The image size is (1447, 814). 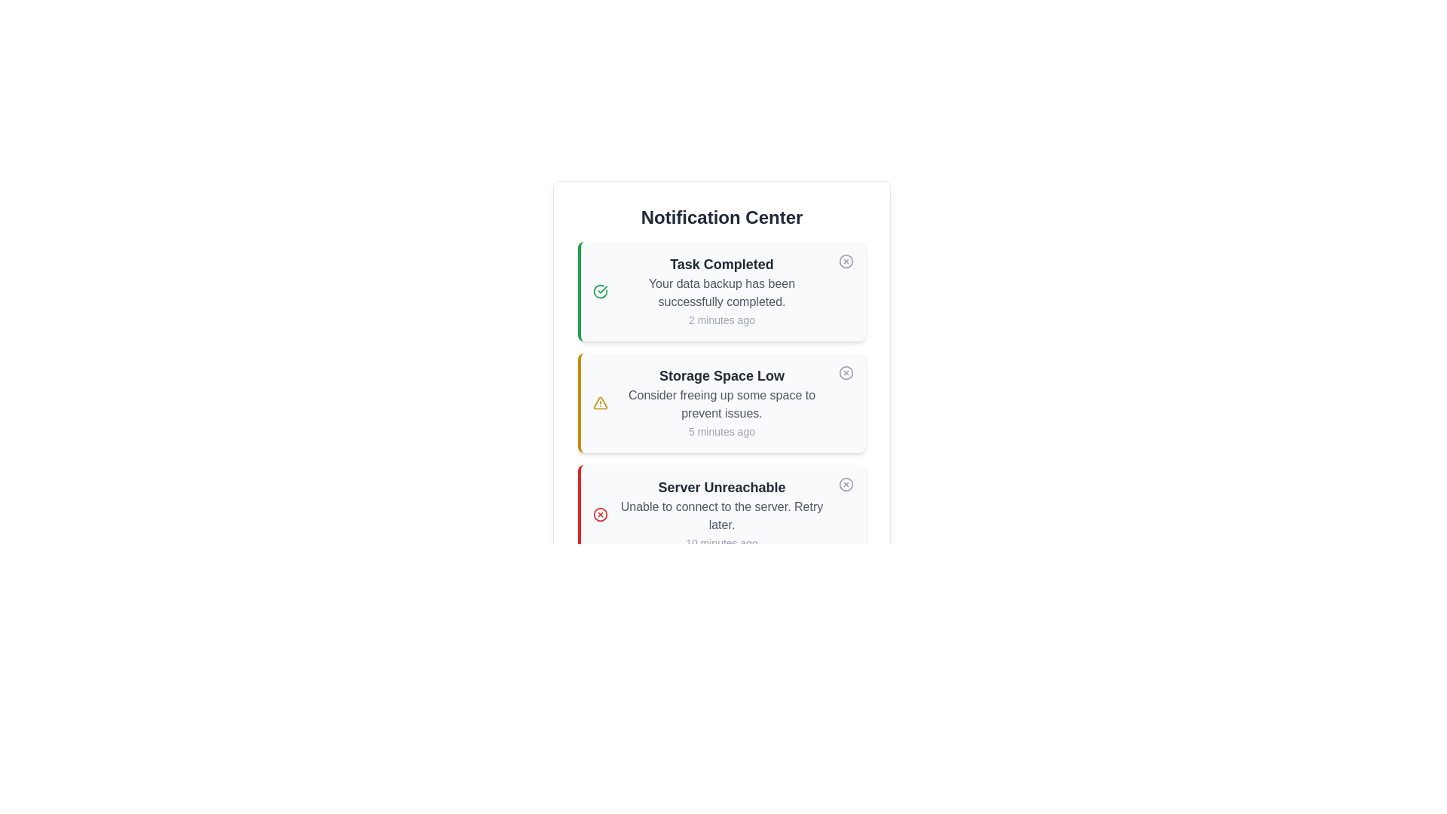 What do you see at coordinates (846, 261) in the screenshot?
I see `the circular close button located at the top-right corner of the 'Task Completed' notification card, which is represented by a 24x24 pixel icon` at bounding box center [846, 261].